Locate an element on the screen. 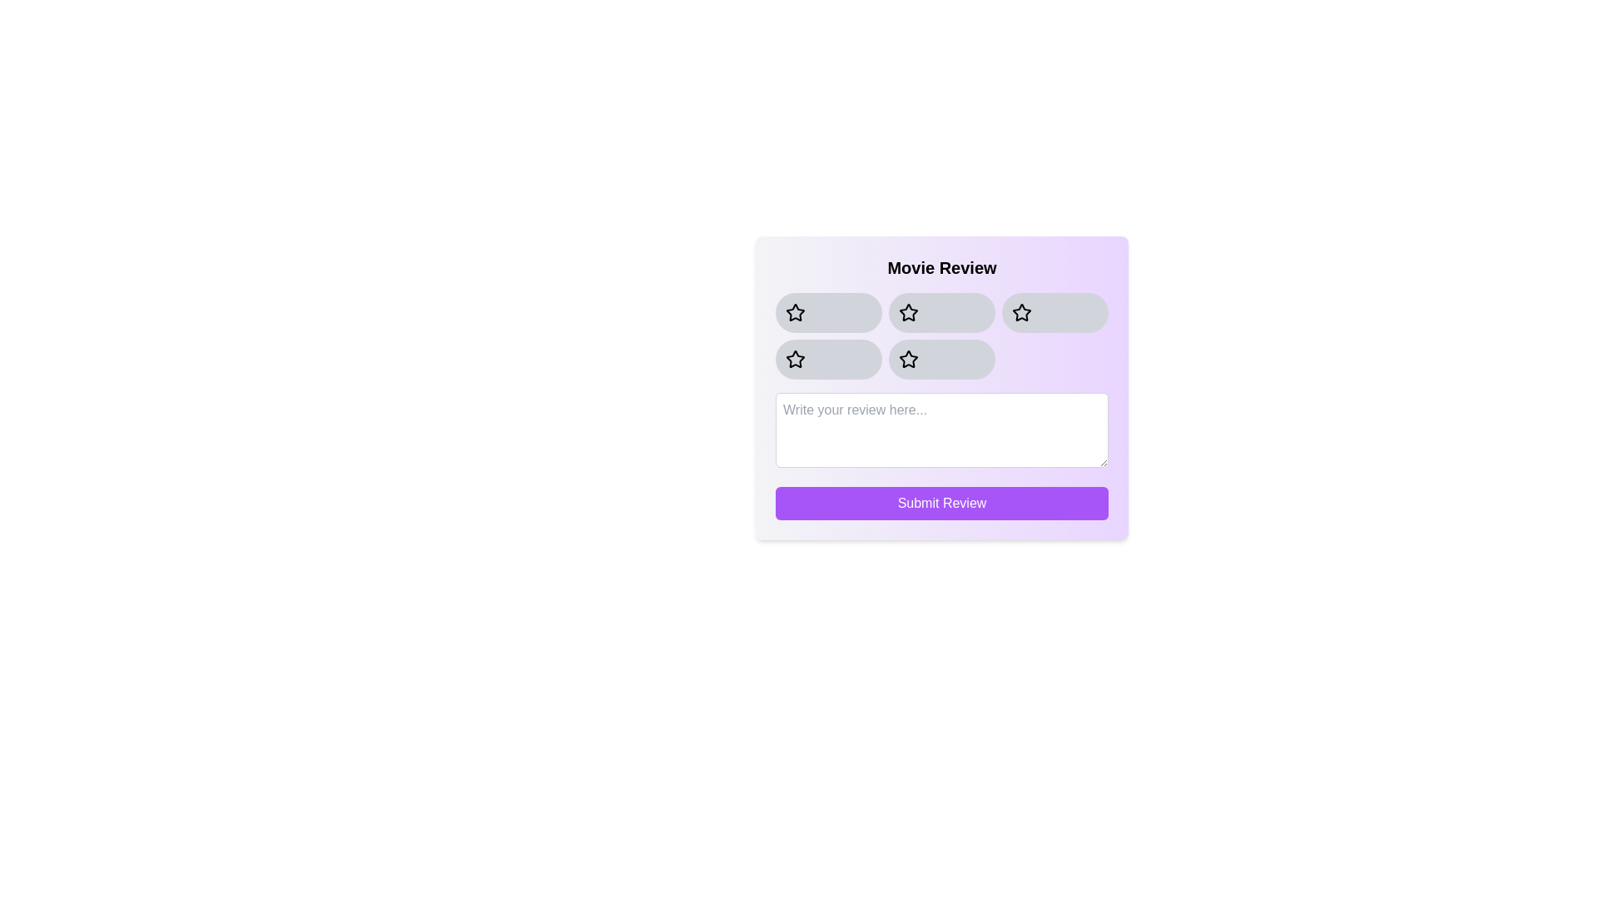 Image resolution: width=1598 pixels, height=899 pixels. 'Submit Review' button to submit the review is located at coordinates (942, 503).